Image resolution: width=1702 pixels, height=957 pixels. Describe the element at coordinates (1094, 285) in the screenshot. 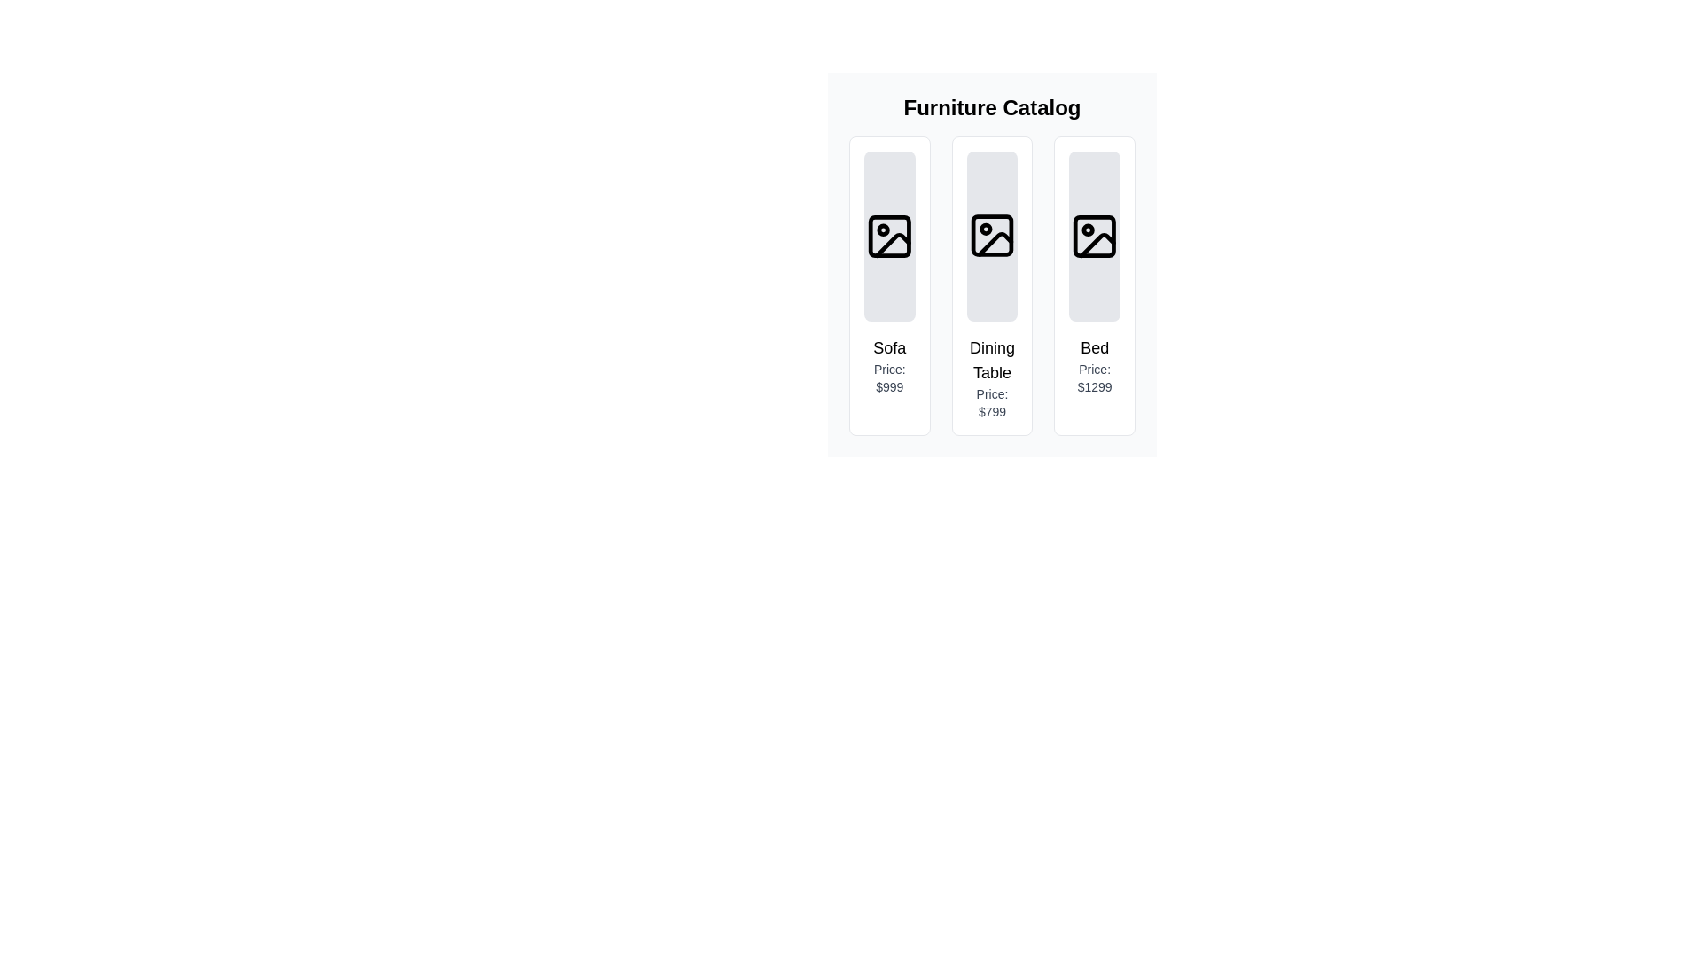

I see `the product catalog card for the 'Bed' priced at $1299, located at the rightmost position among three items` at that location.